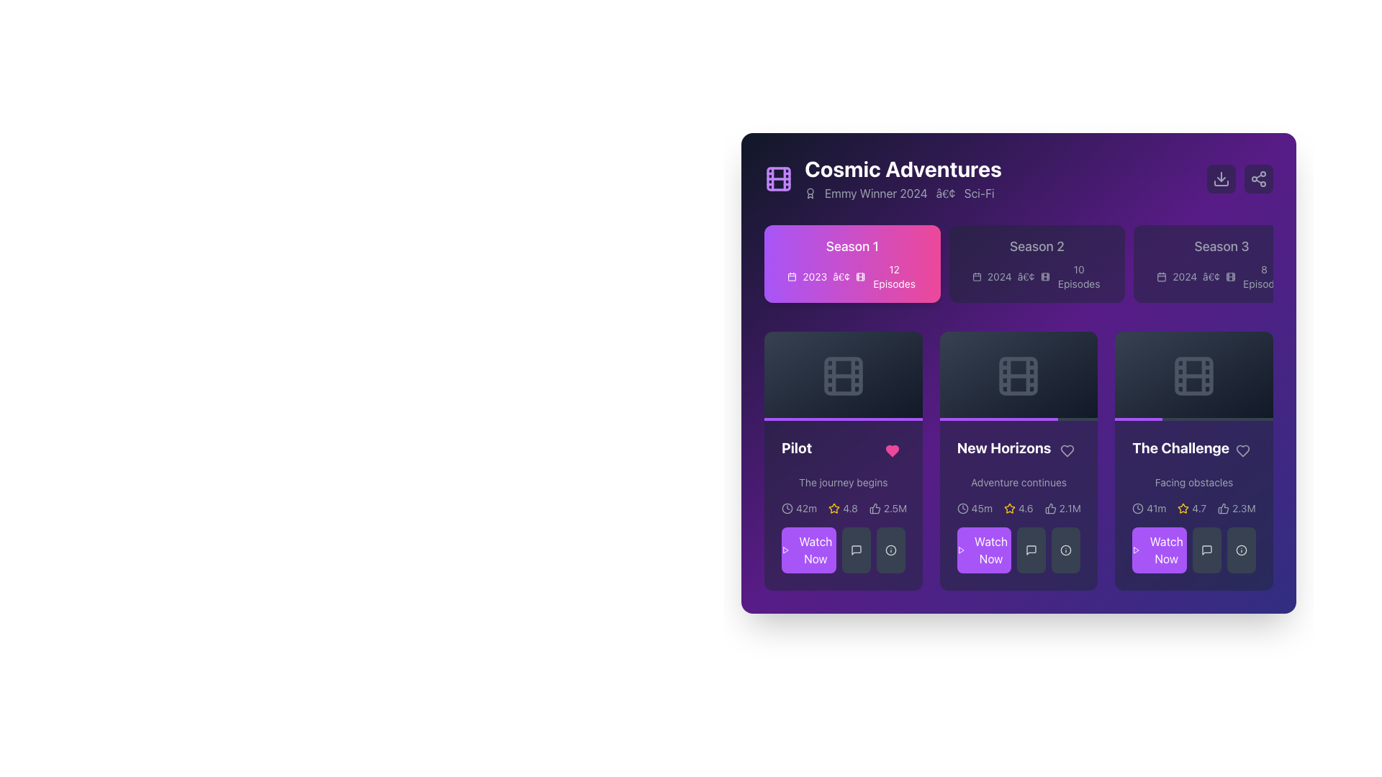  Describe the element at coordinates (1067, 450) in the screenshot. I see `the heart-shaped icon with a solid pink fill located near the title 'Pilot' in the media application interface` at that location.